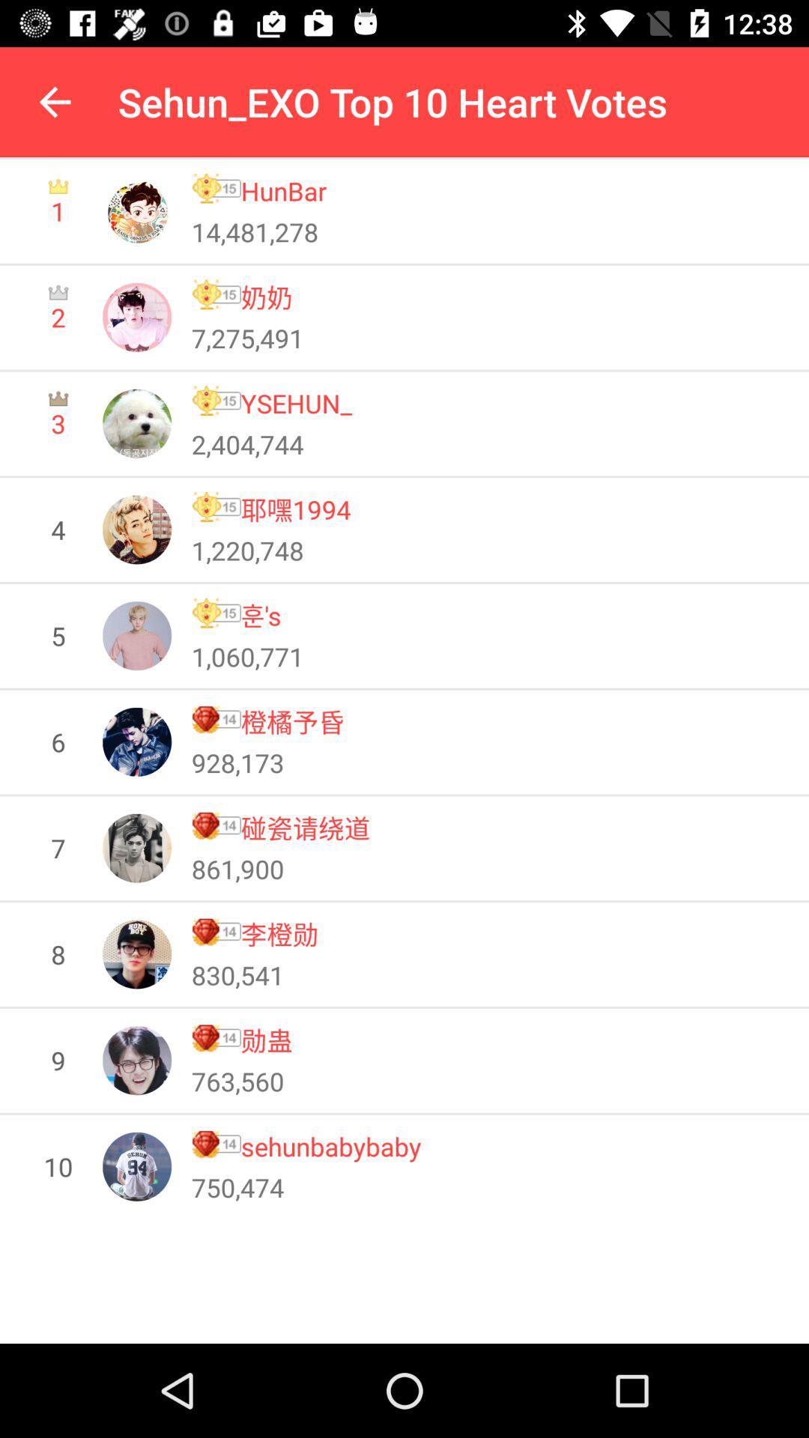 The width and height of the screenshot is (809, 1438). What do you see at coordinates (54, 101) in the screenshot?
I see `the icon next to the sehun_exo top 10 item` at bounding box center [54, 101].